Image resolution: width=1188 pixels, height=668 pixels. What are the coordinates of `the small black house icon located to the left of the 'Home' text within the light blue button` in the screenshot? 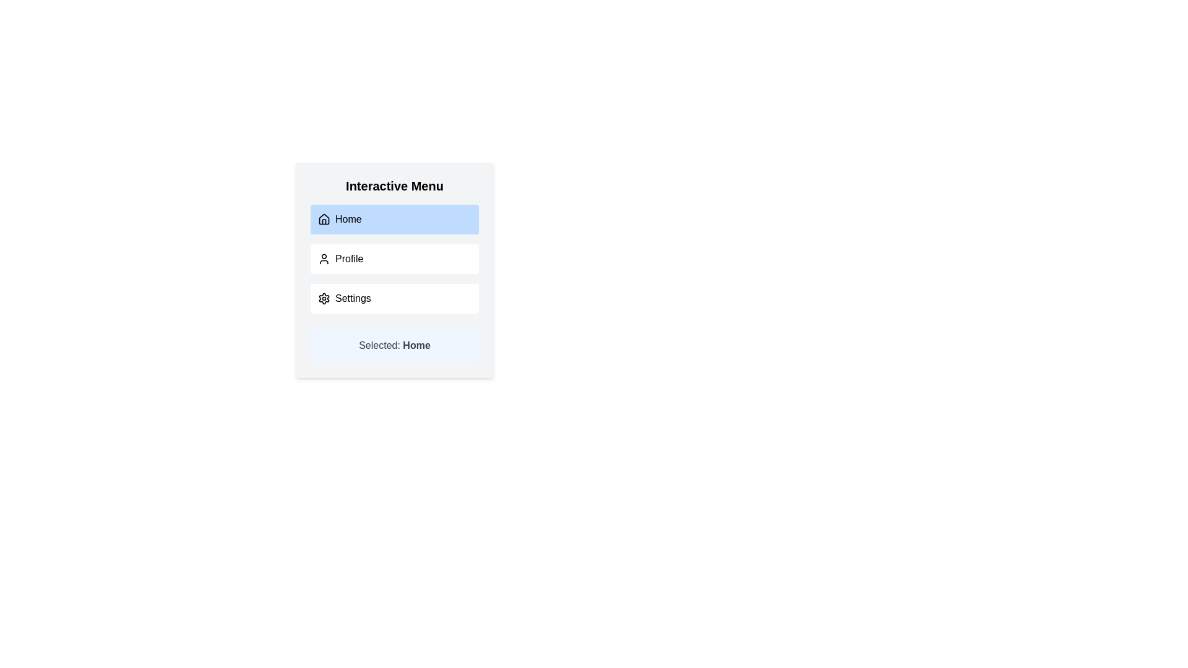 It's located at (324, 218).